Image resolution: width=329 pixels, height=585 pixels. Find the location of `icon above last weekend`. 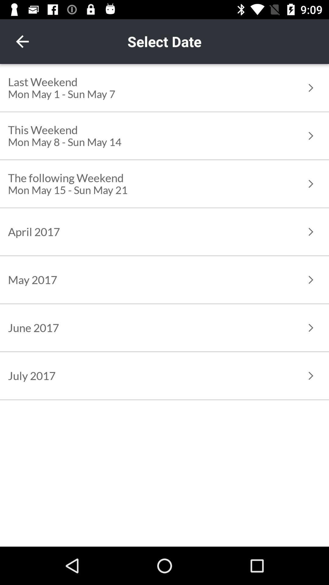

icon above last weekend is located at coordinates (22, 41).